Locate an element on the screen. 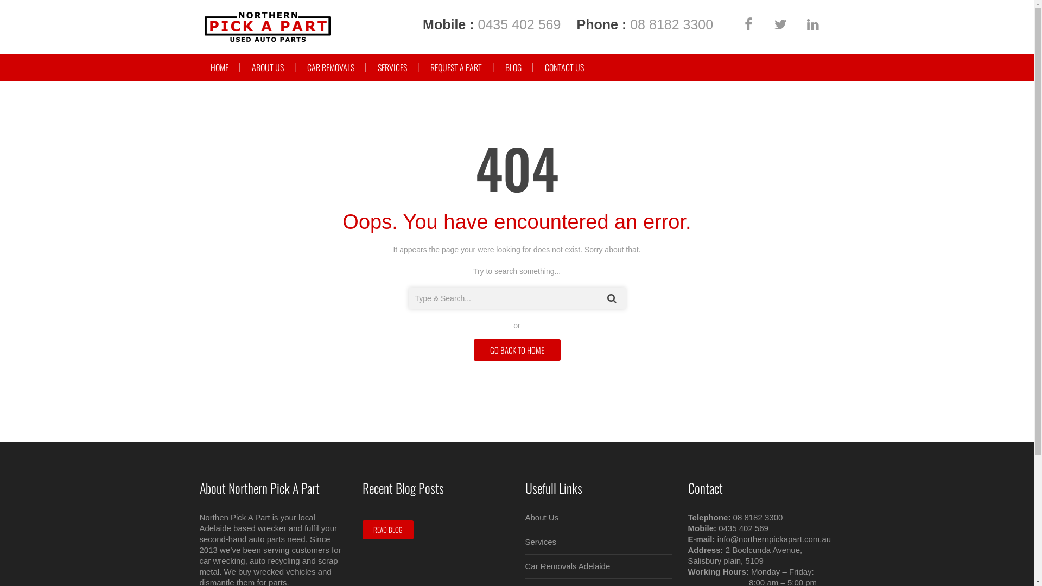 The image size is (1042, 586). '08 8182 3300' is located at coordinates (671, 24).